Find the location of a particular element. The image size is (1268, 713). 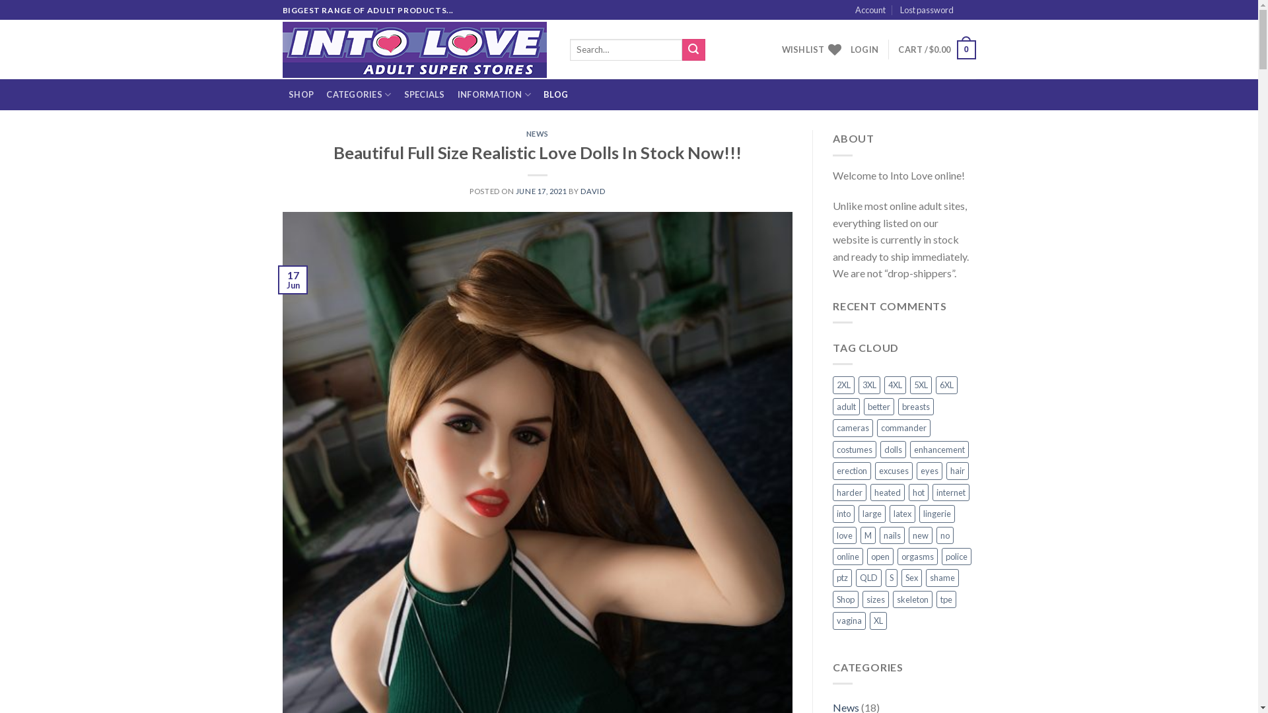

'new' is located at coordinates (919, 535).